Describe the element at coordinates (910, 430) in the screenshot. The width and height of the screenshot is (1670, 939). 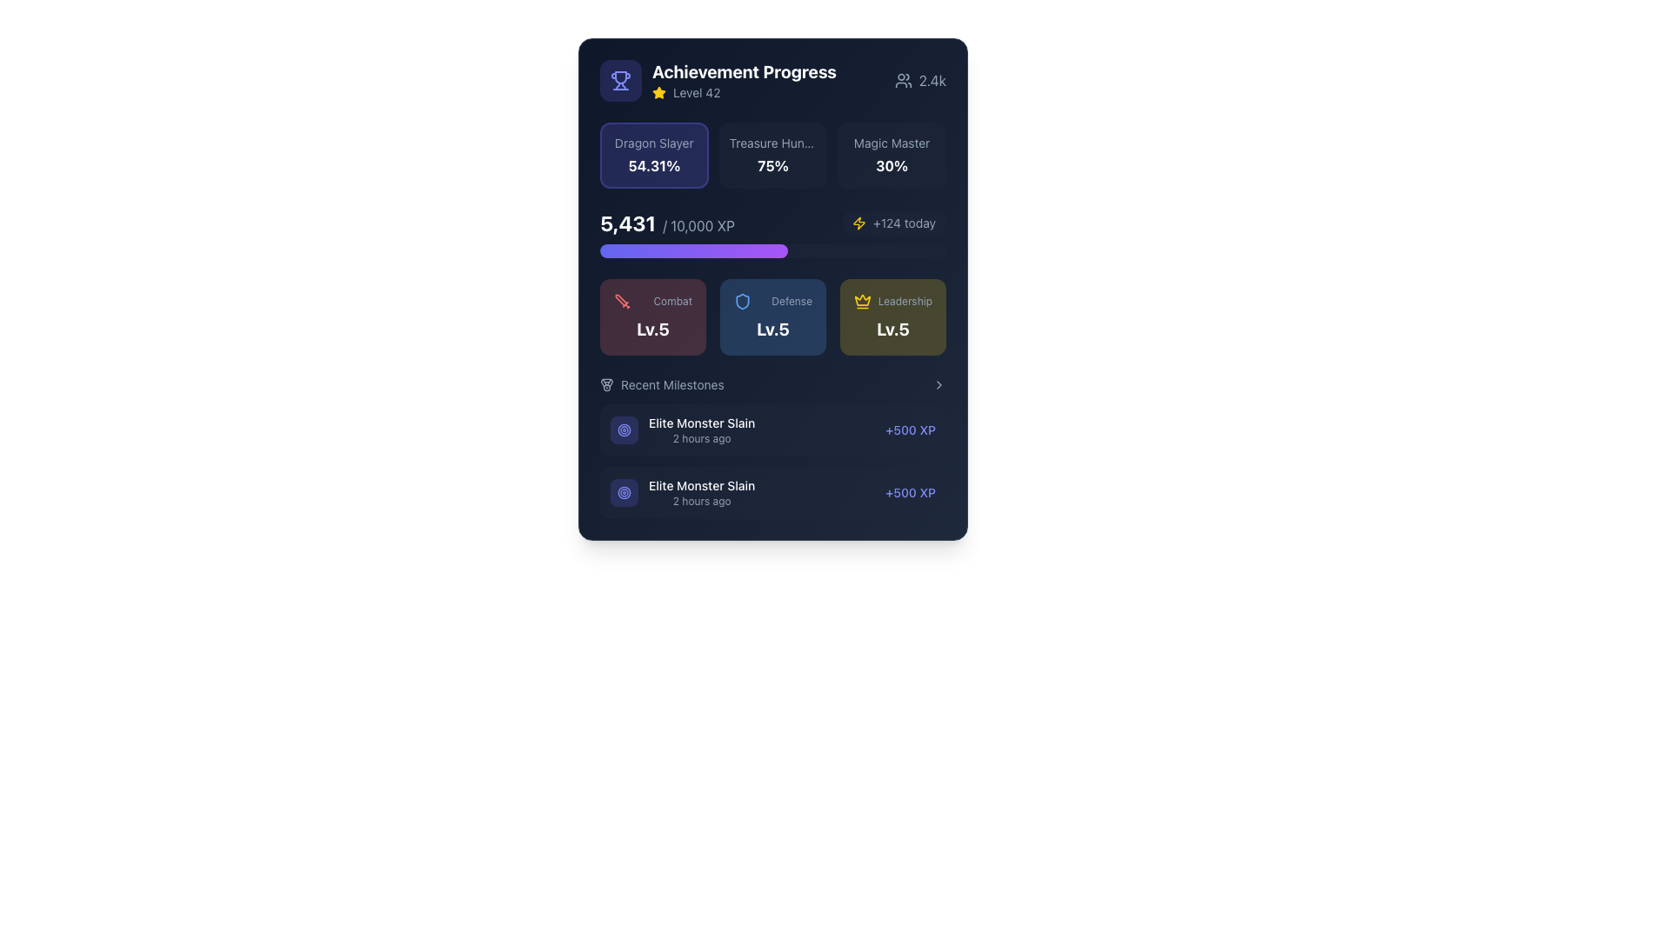
I see `the static text label displaying '+500 XP', which is styled in indigo color and positioned at the far right of the milestone section indicating 'Elite Monster Slain'` at that location.